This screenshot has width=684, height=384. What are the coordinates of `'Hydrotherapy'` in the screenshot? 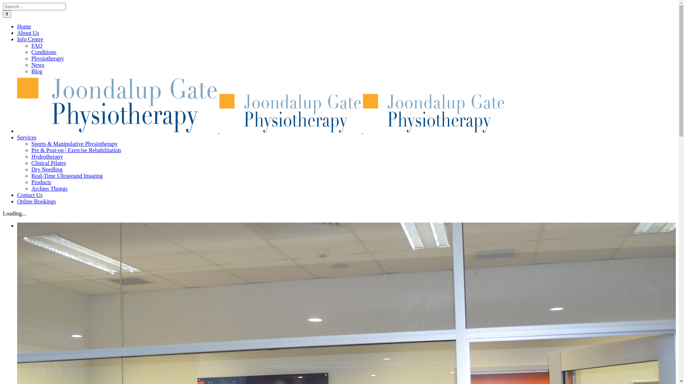 It's located at (47, 156).